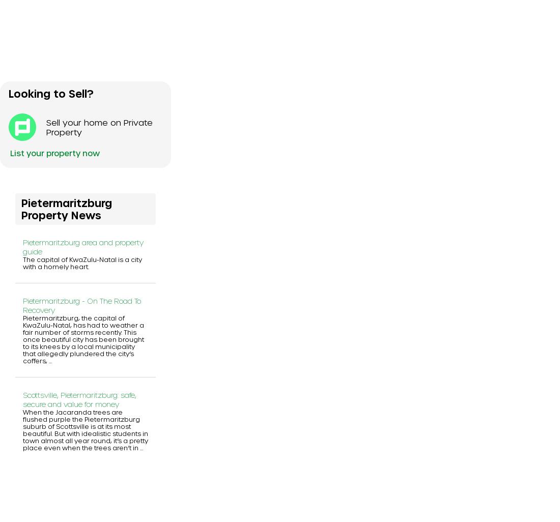 The width and height of the screenshot is (560, 522). Describe the element at coordinates (82, 262) in the screenshot. I see `'The capital of KwaZulu-Natal is a city with a homely heart.'` at that location.